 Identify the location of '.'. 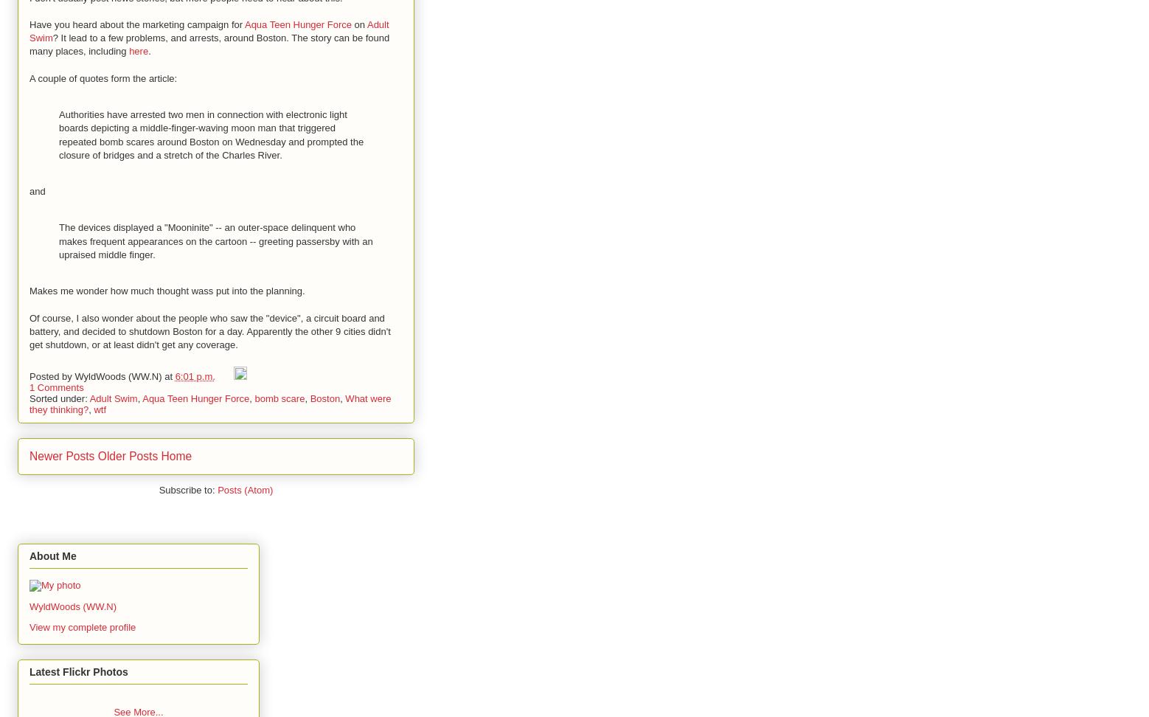
(147, 50).